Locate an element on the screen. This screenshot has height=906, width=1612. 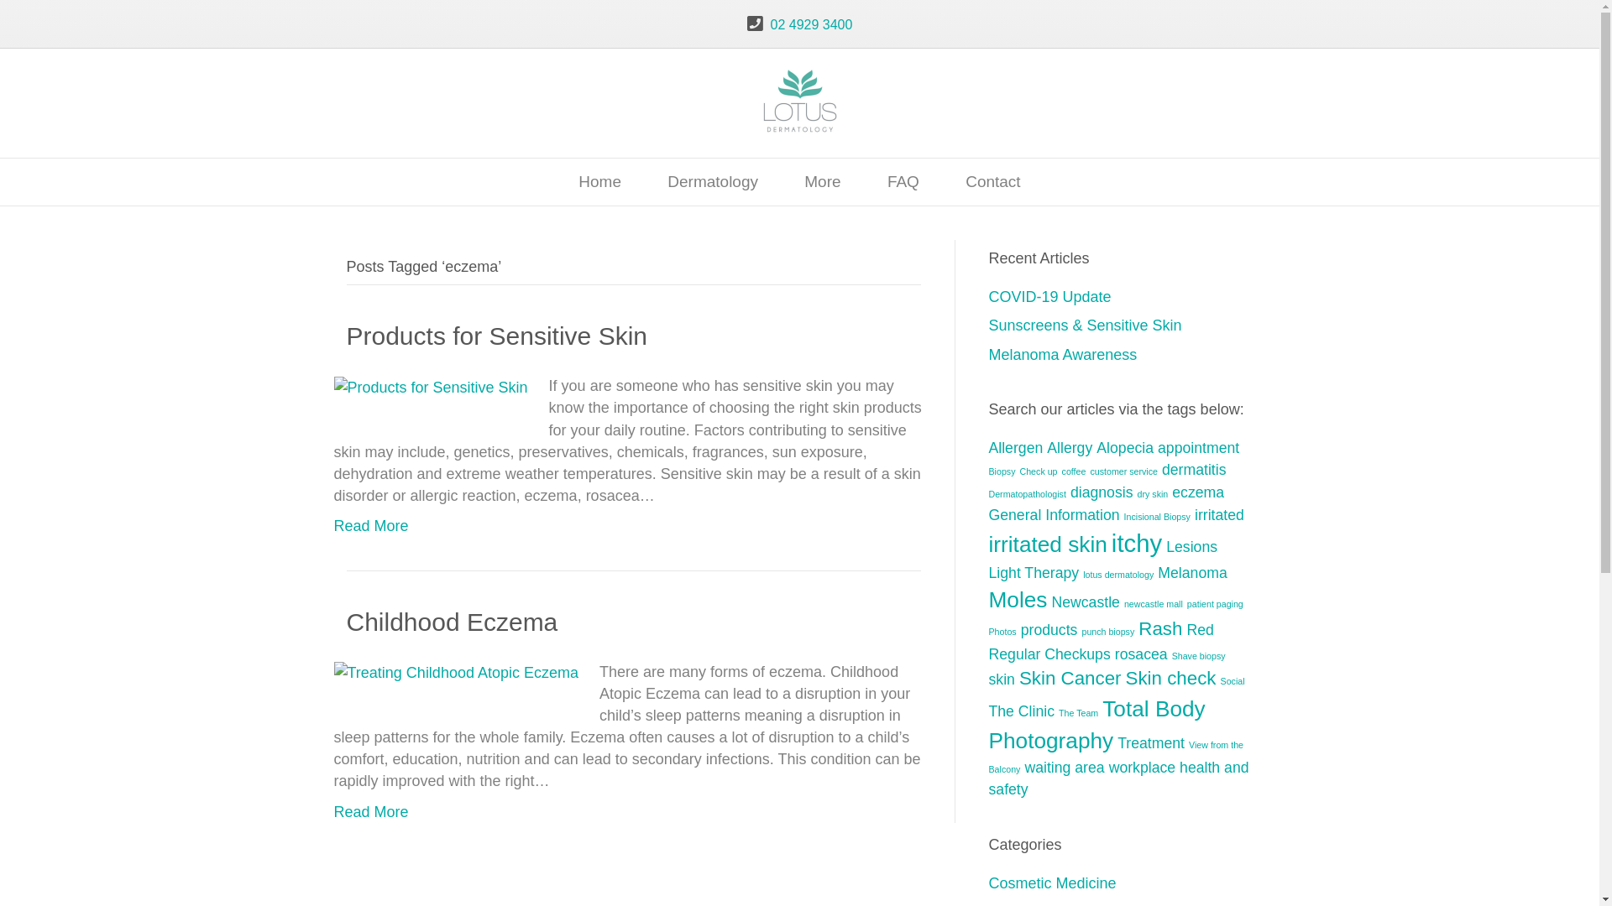
'Social' is located at coordinates (1233, 681).